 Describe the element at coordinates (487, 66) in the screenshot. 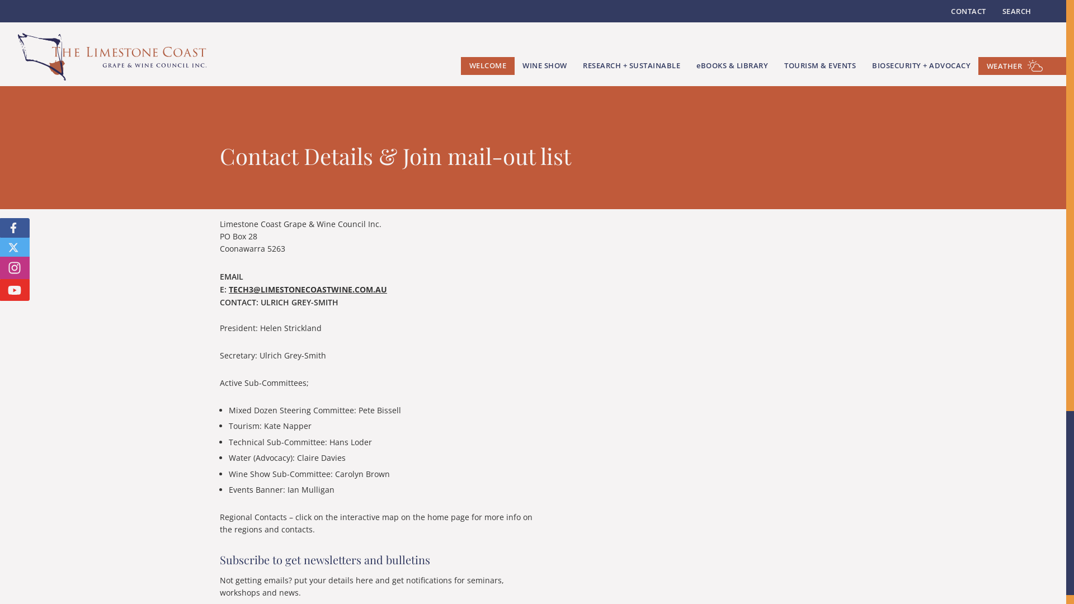

I see `'WELCOME'` at that location.